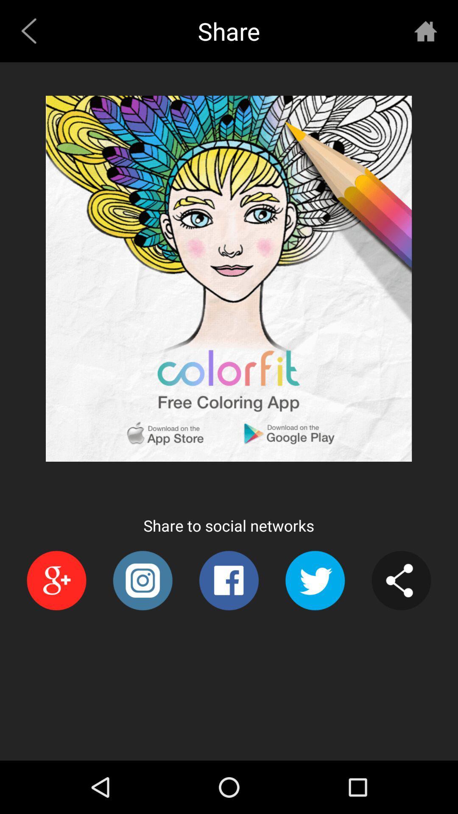  Describe the element at coordinates (56, 580) in the screenshot. I see `share to google plus` at that location.